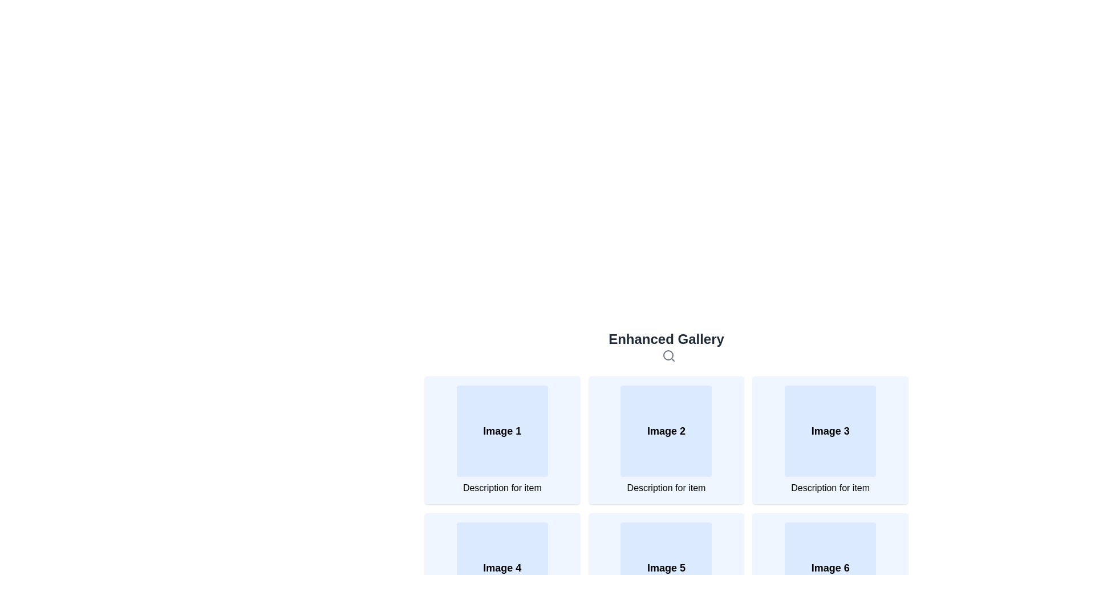 The image size is (1095, 616). Describe the element at coordinates (668, 355) in the screenshot. I see `the search icon located immediately to the right of the 'Enhanced Gallery' text label to initiate a search action` at that location.